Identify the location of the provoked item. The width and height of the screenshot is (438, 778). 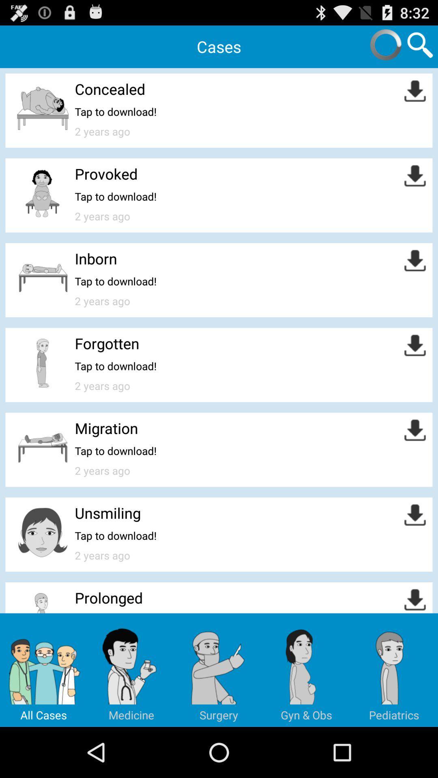
(106, 173).